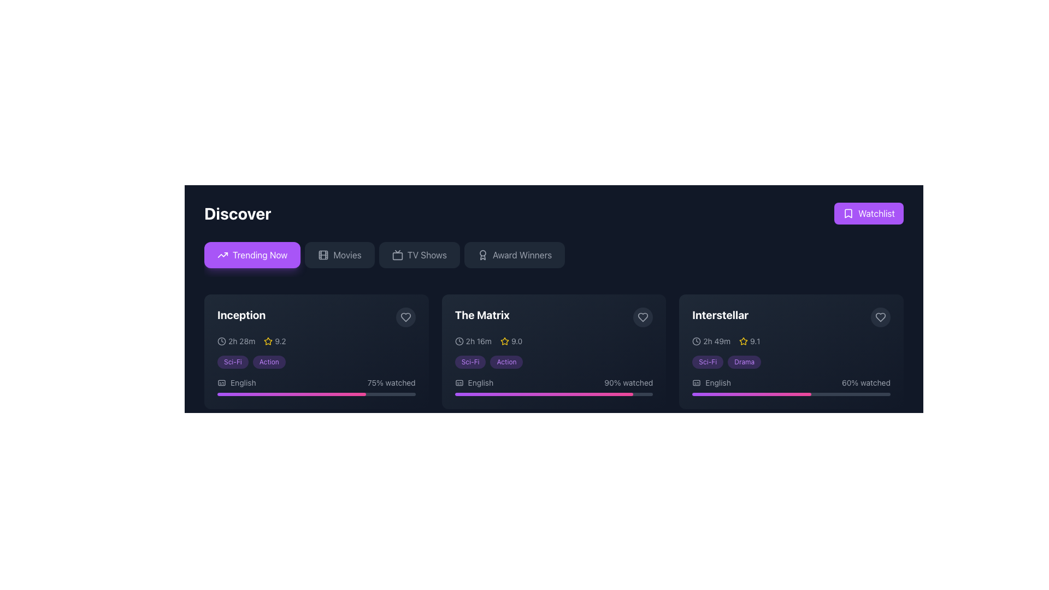 The image size is (1049, 590). I want to click on the Visual rating indicator consisting of a yellow star icon and the numeric text '9.2', located in the bottom-left section of the first card (Inception), aligned with the '2h 28m' label, so click(275, 340).